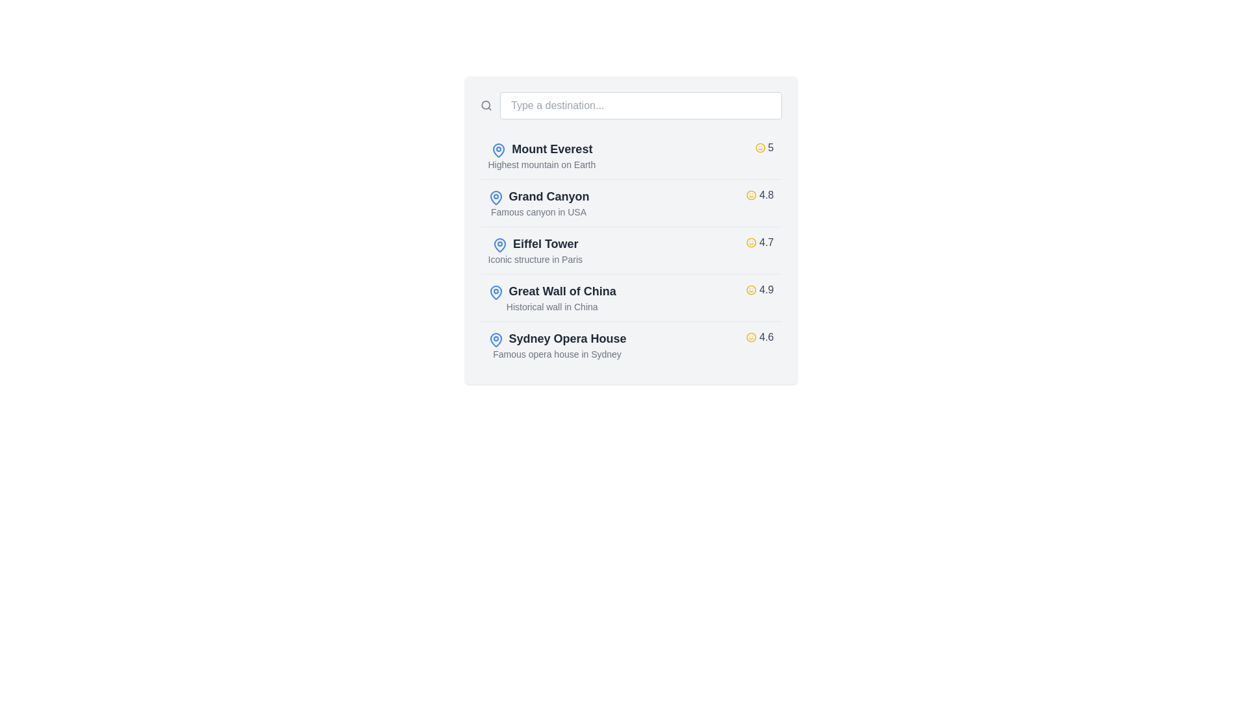 The image size is (1247, 701). What do you see at coordinates (535, 260) in the screenshot?
I see `the text label that provides descriptive information about the Eiffel Tower, located directly below the title 'Eiffel Tower' in a vertical list of destinations` at bounding box center [535, 260].